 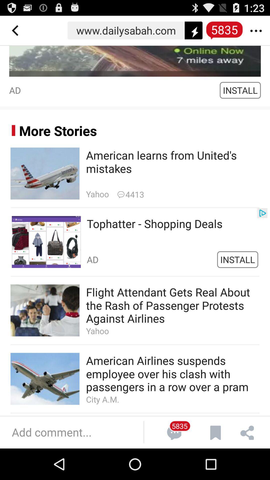 What do you see at coordinates (45, 379) in the screenshot?
I see `fourth image below more stories text` at bounding box center [45, 379].